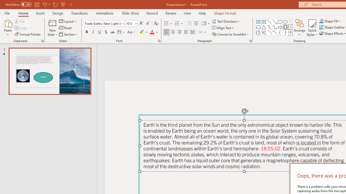 Image resolution: width=346 pixels, height=194 pixels. What do you see at coordinates (187, 13) in the screenshot?
I see `'View'` at bounding box center [187, 13].